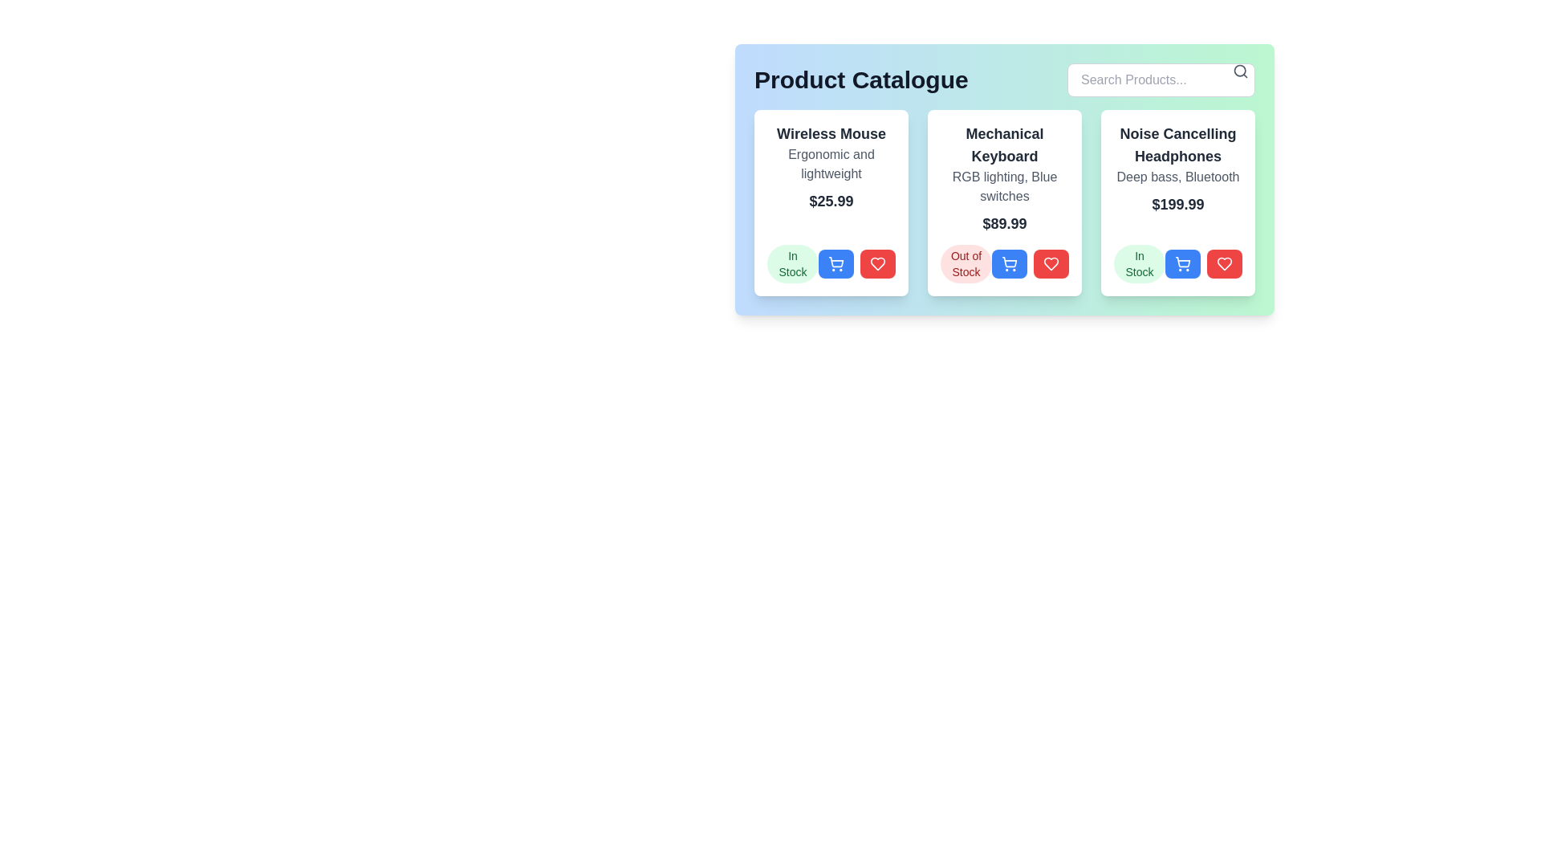 This screenshot has height=867, width=1541. I want to click on the shopping cart button located below the product details of 'Mechanical Keyboard', bordered by a red 'Out of Stock' label on the left and a red heart icon on the right, for keyboard interaction, so click(1004, 263).